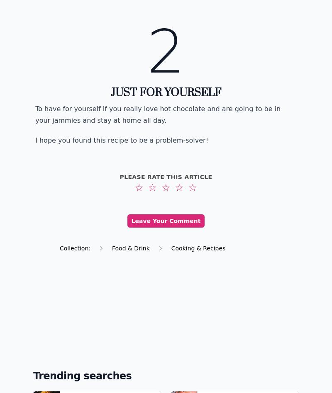 The height and width of the screenshot is (393, 332). What do you see at coordinates (165, 51) in the screenshot?
I see `'2'` at bounding box center [165, 51].